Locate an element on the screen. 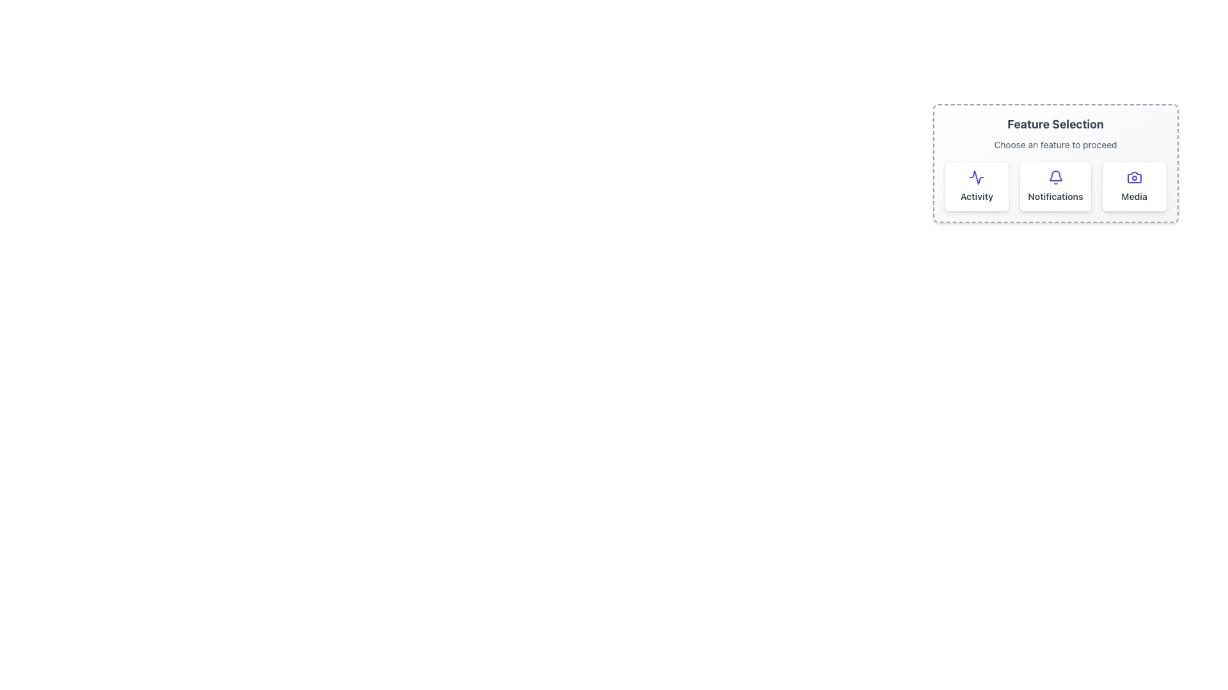 The image size is (1228, 690). text of the Notifications label, which is a bold, dark gray text label positioned below the bell icon in the feature selection interface is located at coordinates (1055, 197).